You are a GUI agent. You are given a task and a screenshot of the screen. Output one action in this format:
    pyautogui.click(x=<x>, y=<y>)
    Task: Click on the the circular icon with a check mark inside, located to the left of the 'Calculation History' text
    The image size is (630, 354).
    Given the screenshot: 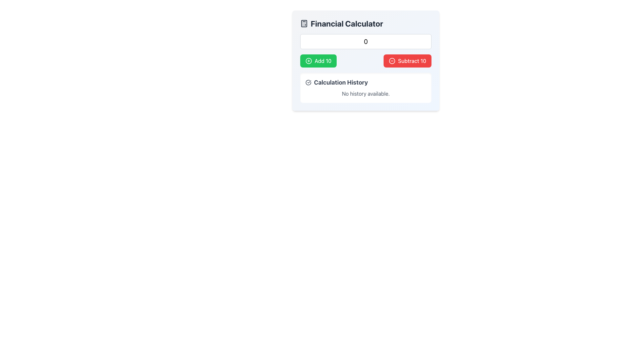 What is the action you would take?
    pyautogui.click(x=308, y=82)
    